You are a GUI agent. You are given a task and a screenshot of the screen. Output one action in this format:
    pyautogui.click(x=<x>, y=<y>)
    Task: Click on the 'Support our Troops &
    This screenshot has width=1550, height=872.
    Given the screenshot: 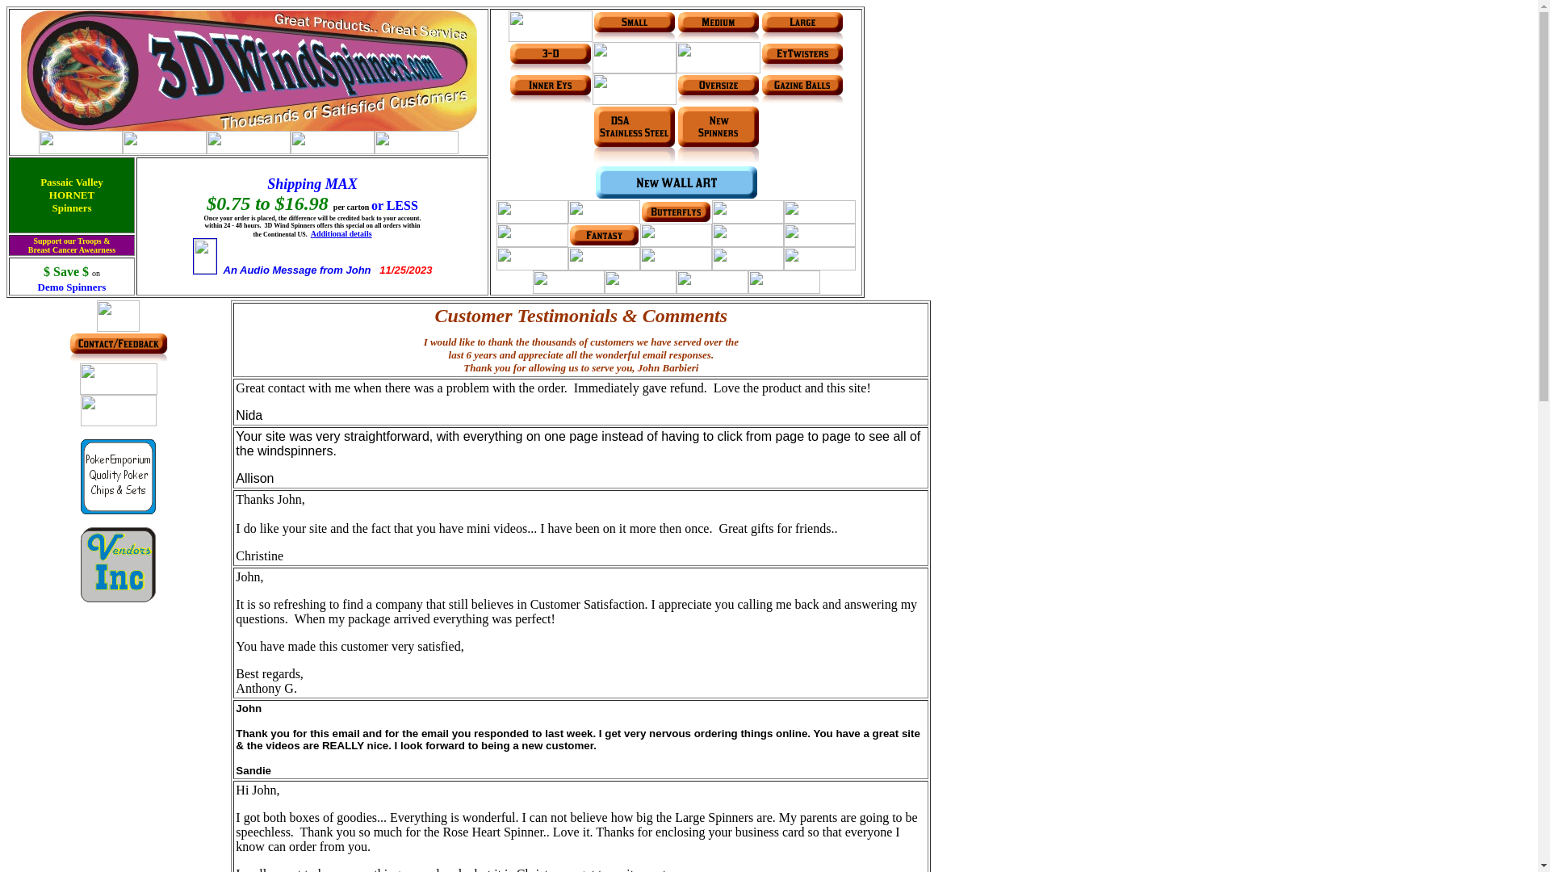 What is the action you would take?
    pyautogui.click(x=71, y=243)
    